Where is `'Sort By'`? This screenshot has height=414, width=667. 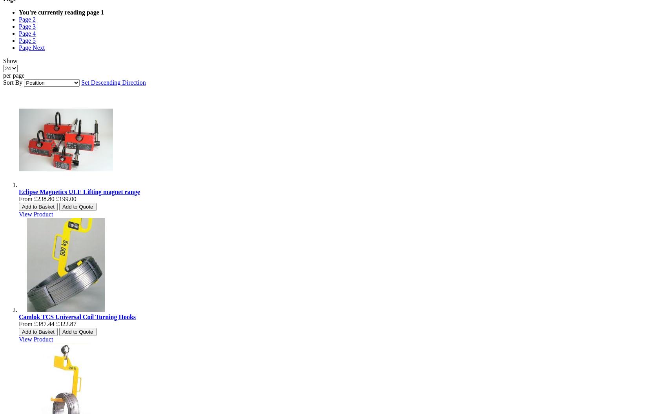 'Sort By' is located at coordinates (13, 82).